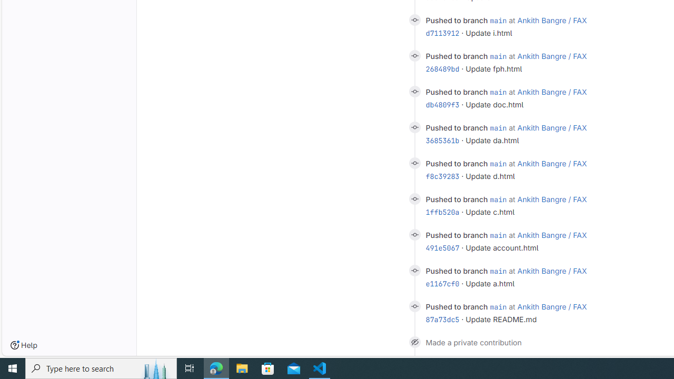 Image resolution: width=674 pixels, height=379 pixels. What do you see at coordinates (442, 32) in the screenshot?
I see `'d7113912'` at bounding box center [442, 32].